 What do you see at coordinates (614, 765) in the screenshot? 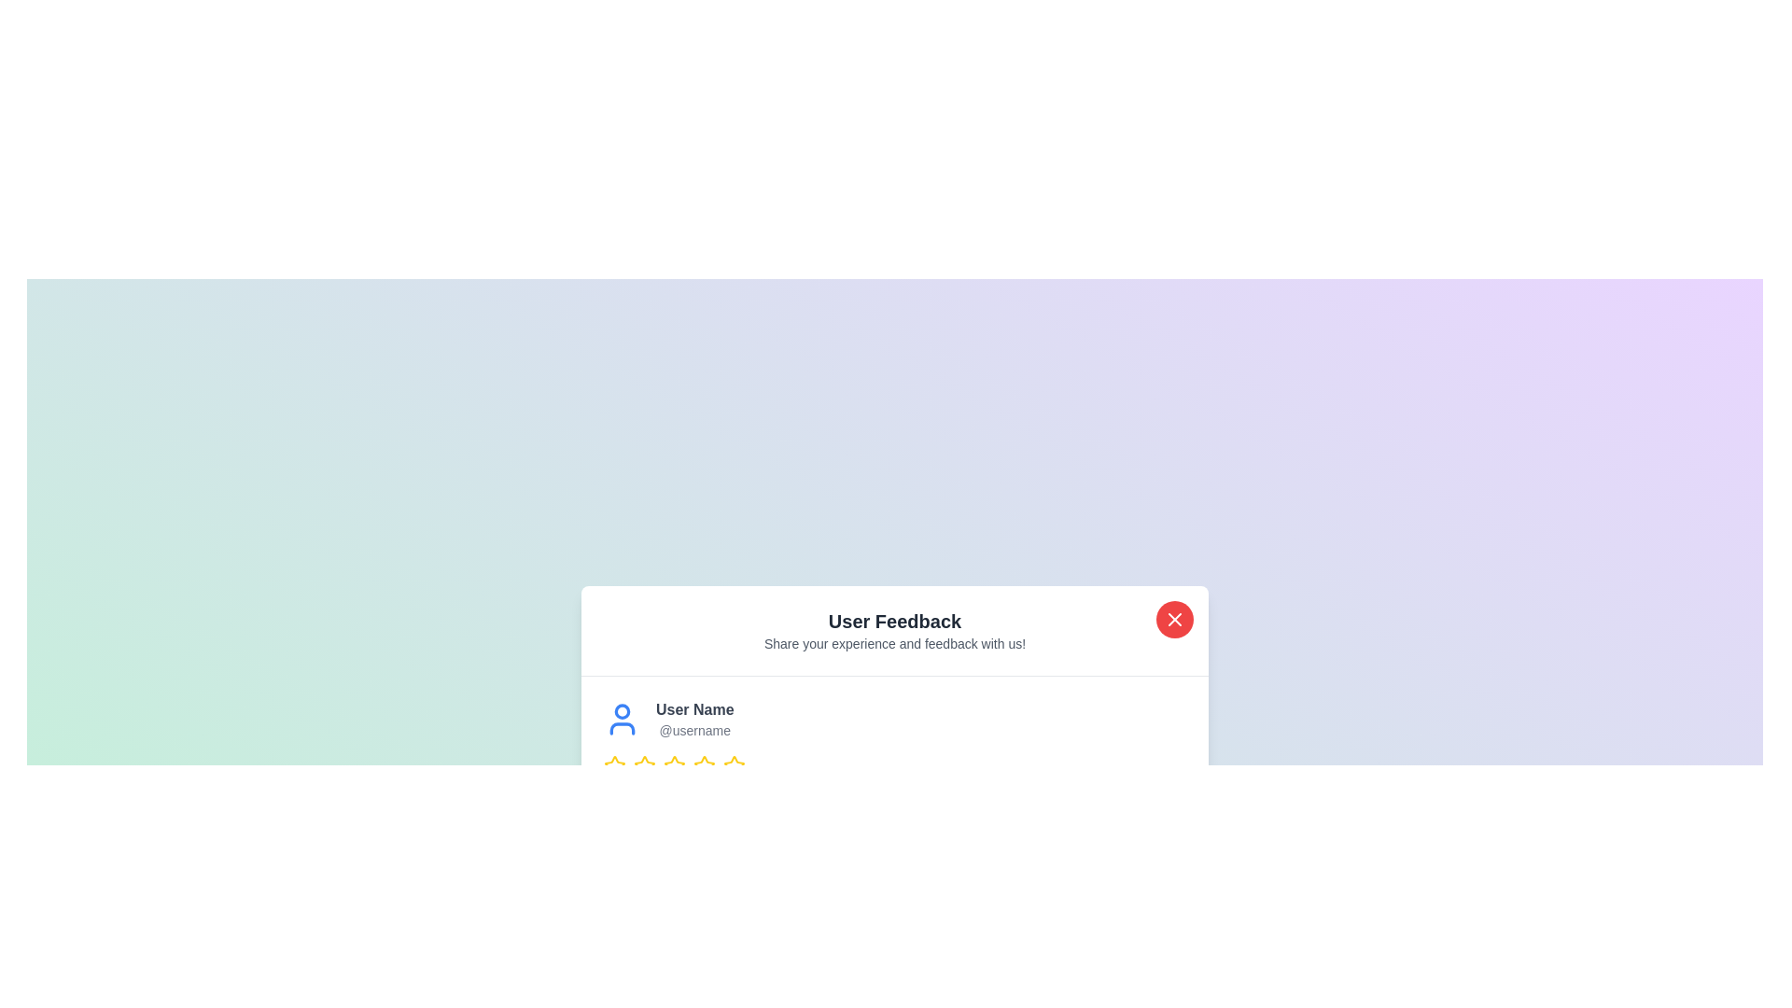
I see `the first star icon in the feedback block` at bounding box center [614, 765].